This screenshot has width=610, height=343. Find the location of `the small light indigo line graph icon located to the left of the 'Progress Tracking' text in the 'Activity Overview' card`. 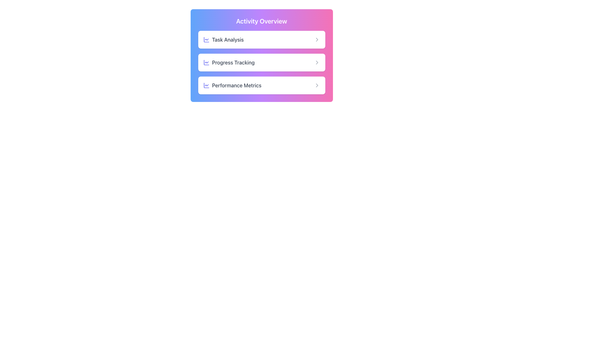

the small light indigo line graph icon located to the left of the 'Progress Tracking' text in the 'Activity Overview' card is located at coordinates (206, 62).